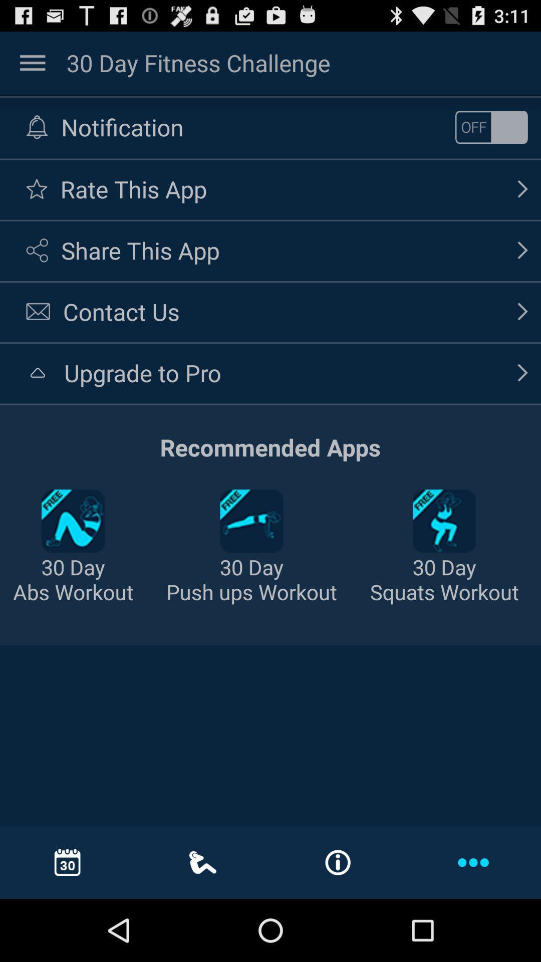 The image size is (541, 962). What do you see at coordinates (38, 311) in the screenshot?
I see `the icon left to contact us` at bounding box center [38, 311].